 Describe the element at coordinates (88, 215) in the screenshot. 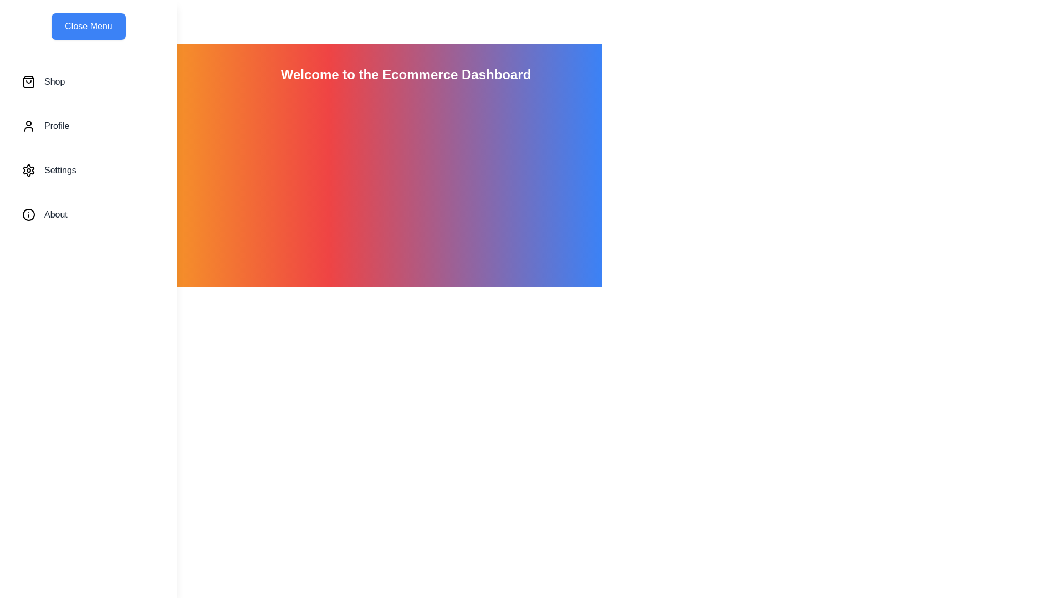

I see `the menu item About where About can be one of 'Shop', 'Profile', 'Settings', or 'About'` at that location.